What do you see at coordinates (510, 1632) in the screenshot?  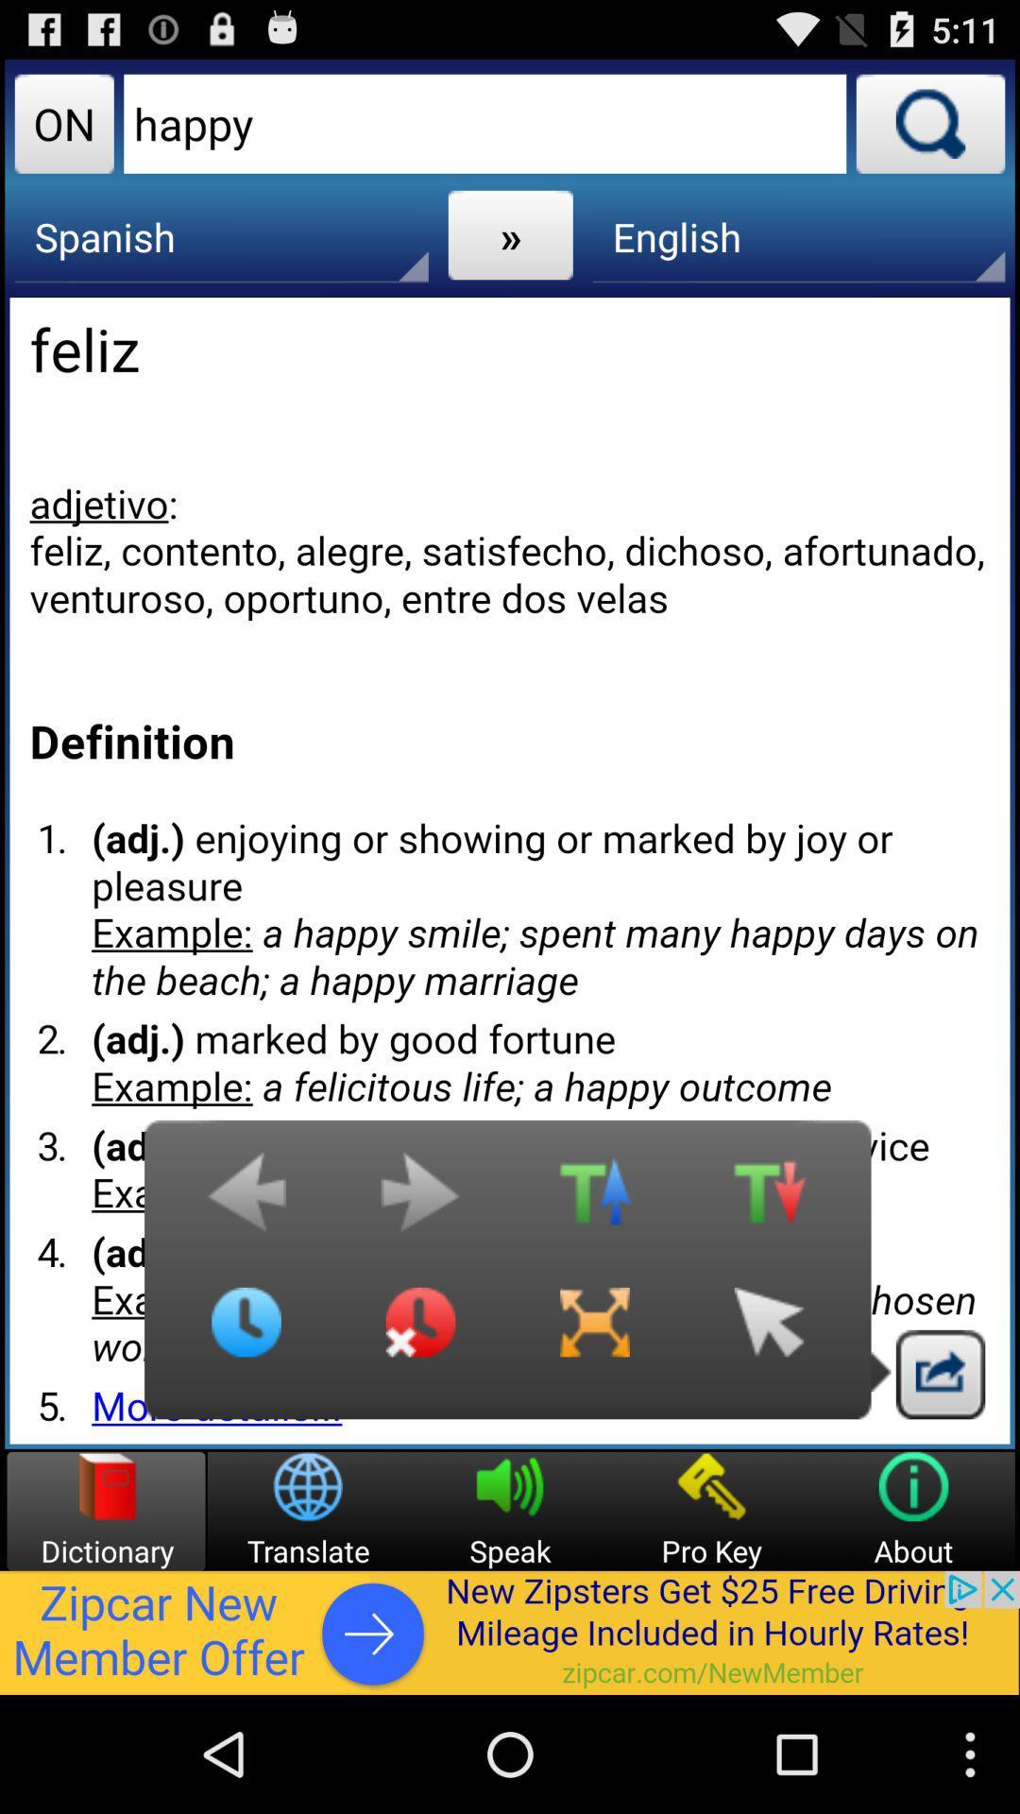 I see `advertisement display` at bounding box center [510, 1632].